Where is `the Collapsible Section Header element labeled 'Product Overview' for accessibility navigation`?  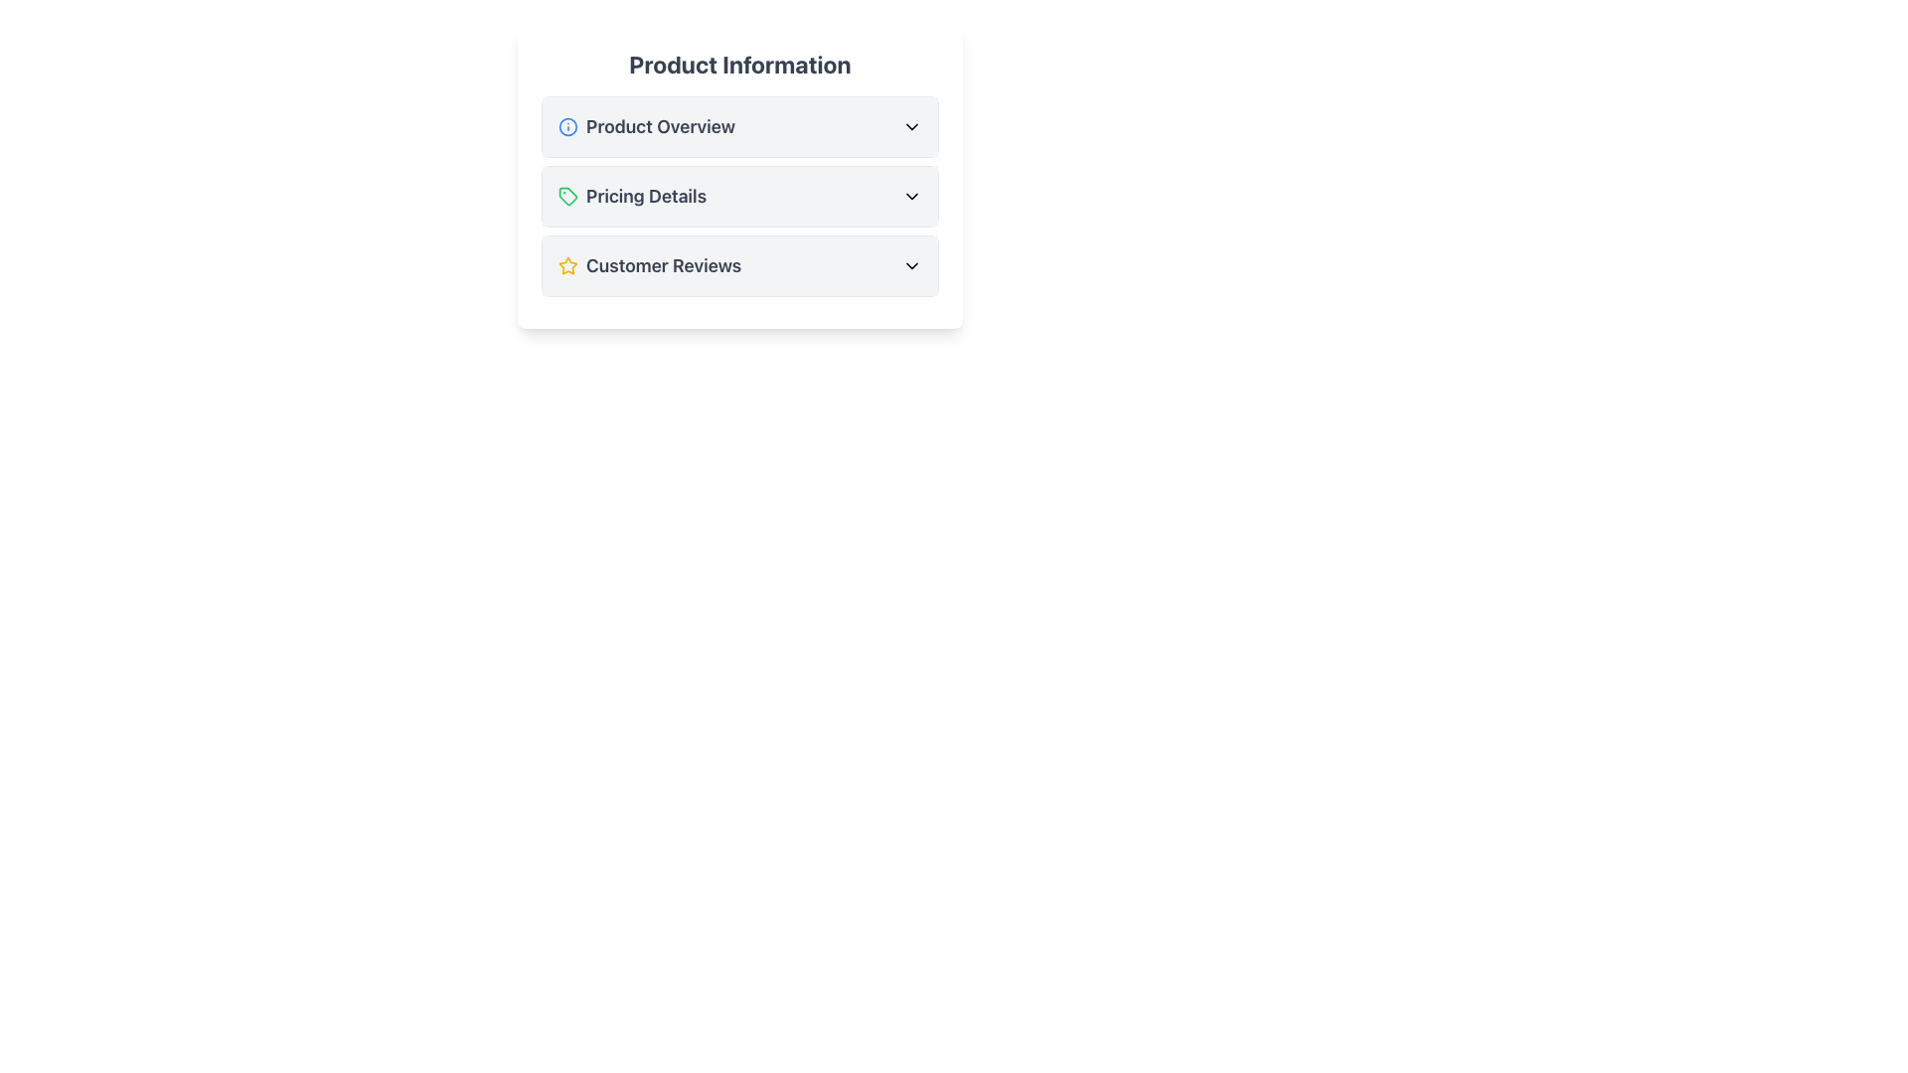 the Collapsible Section Header element labeled 'Product Overview' for accessibility navigation is located at coordinates (738, 126).